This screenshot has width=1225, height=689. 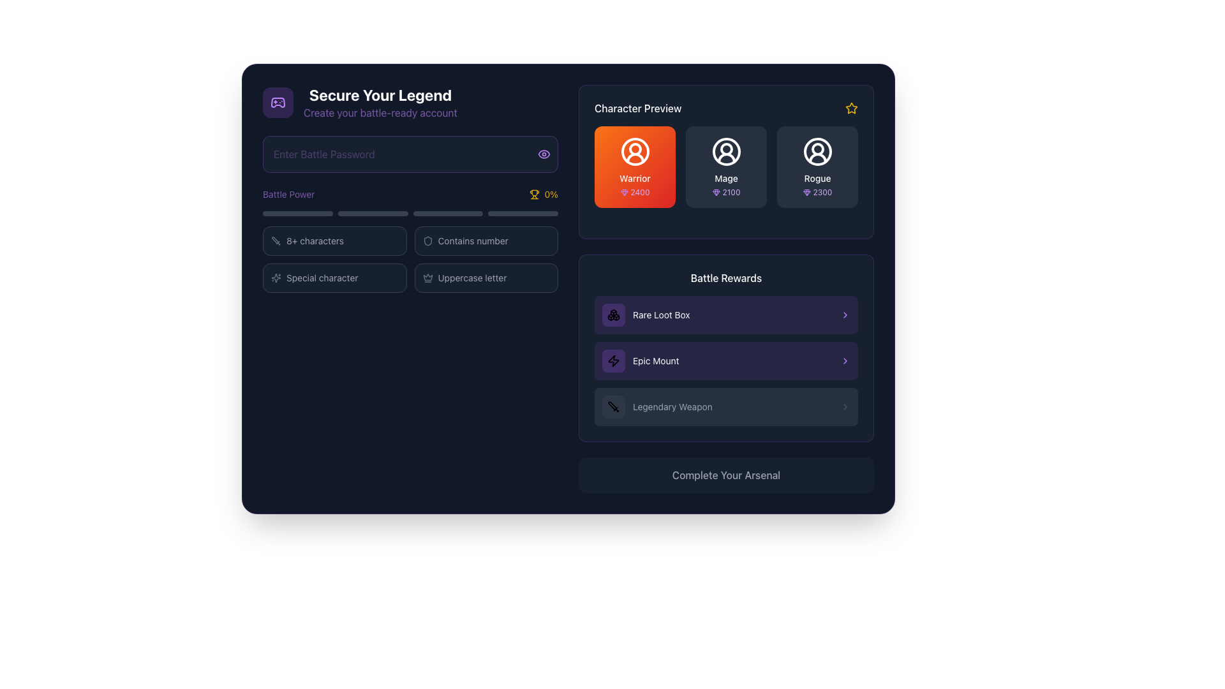 I want to click on the 'Rare Loot Box' label with icon, so click(x=646, y=315).